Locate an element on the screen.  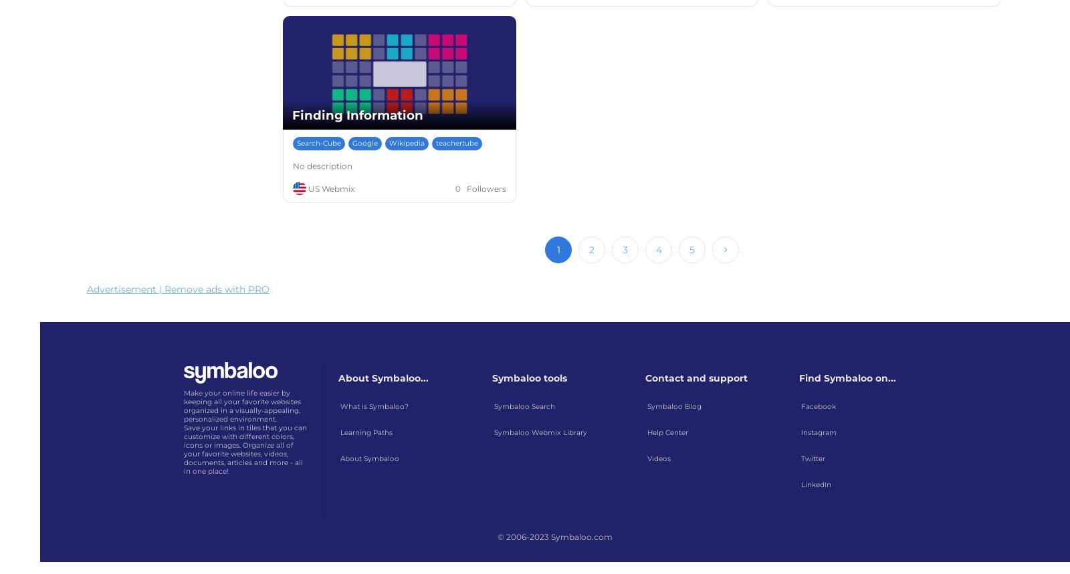
'No description' is located at coordinates (322, 165).